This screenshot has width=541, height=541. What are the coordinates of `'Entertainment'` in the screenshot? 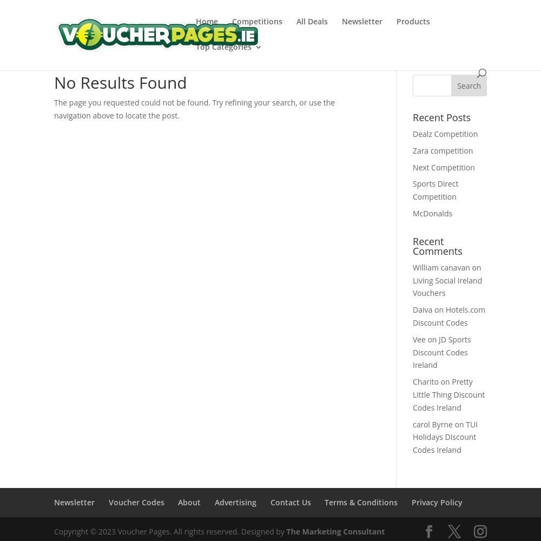 It's located at (244, 199).